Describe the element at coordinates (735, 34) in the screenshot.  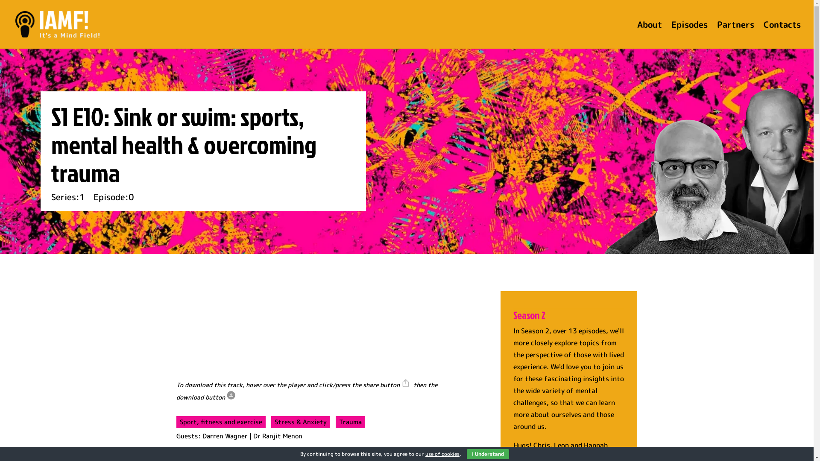
I see `'Partners'` at that location.